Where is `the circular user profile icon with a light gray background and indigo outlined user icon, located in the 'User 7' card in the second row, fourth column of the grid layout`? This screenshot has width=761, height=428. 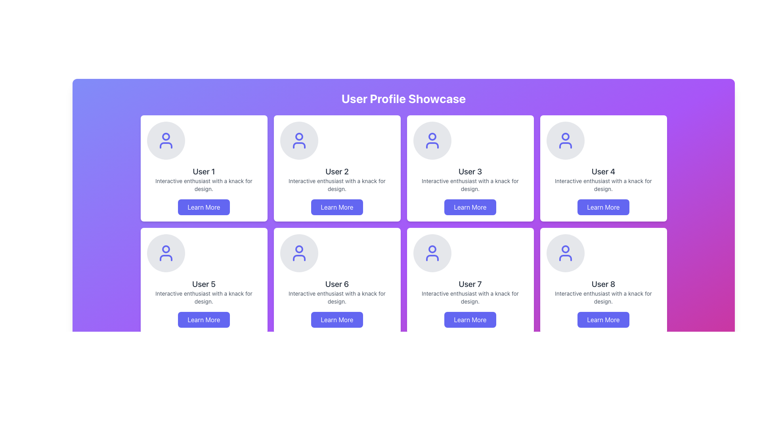 the circular user profile icon with a light gray background and indigo outlined user icon, located in the 'User 7' card in the second row, fourth column of the grid layout is located at coordinates (432, 253).